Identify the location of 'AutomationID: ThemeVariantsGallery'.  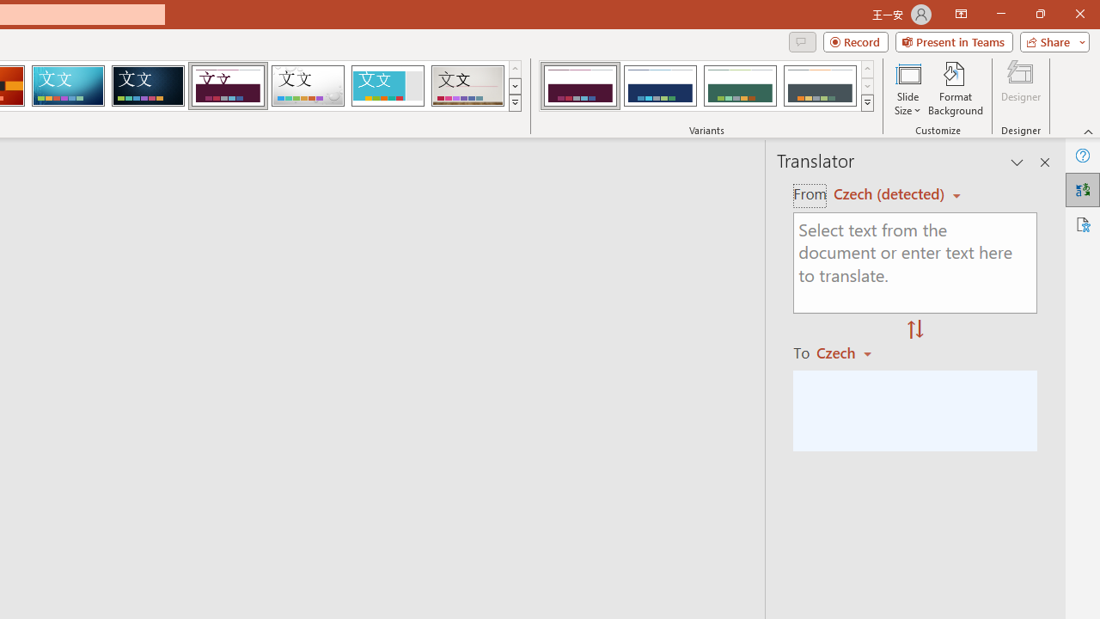
(707, 86).